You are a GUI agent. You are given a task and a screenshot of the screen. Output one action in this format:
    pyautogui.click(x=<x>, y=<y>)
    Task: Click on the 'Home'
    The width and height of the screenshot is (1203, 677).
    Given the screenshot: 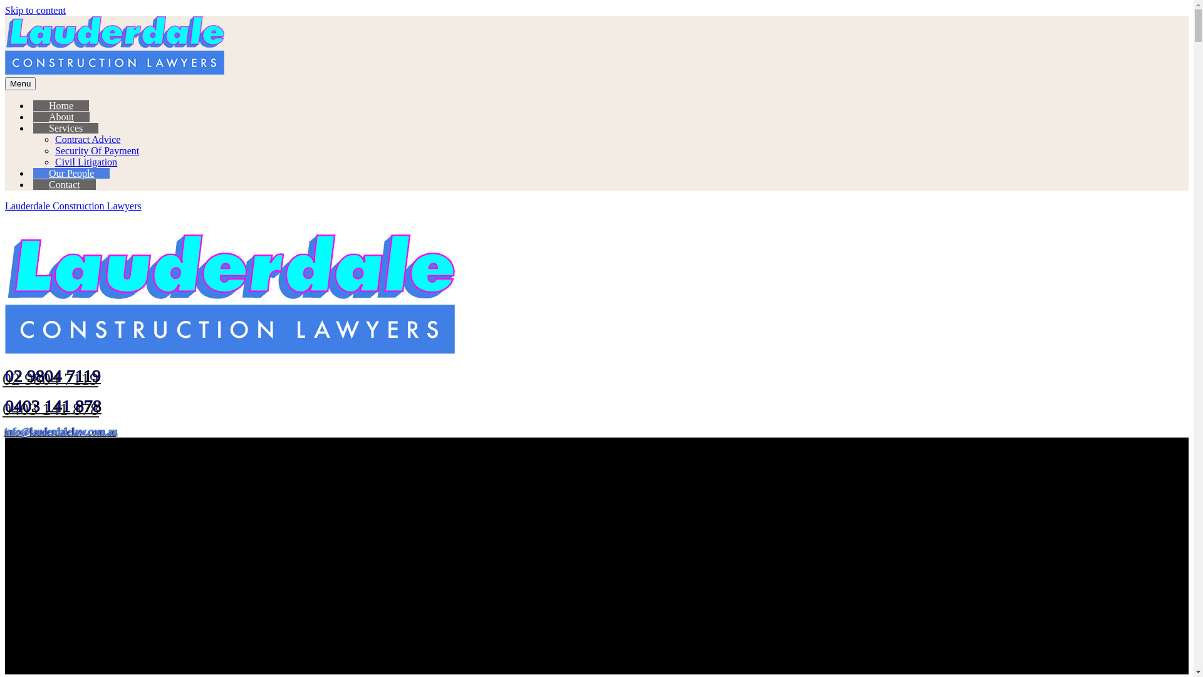 What is the action you would take?
    pyautogui.click(x=60, y=105)
    